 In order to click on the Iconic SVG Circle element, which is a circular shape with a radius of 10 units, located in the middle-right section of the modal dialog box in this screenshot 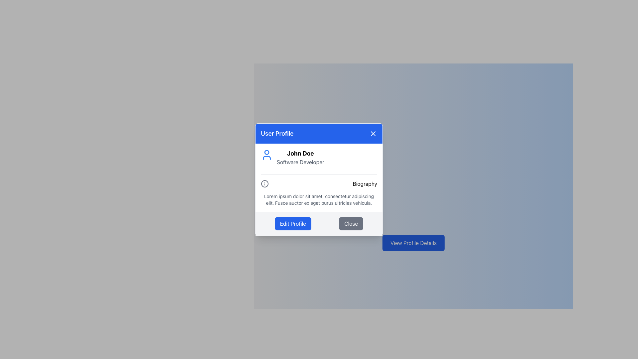, I will do `click(264, 183)`.